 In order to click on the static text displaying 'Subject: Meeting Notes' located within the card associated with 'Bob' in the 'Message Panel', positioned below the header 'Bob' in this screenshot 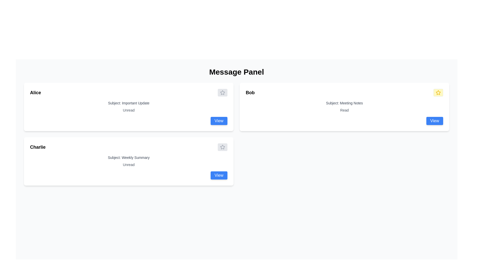, I will do `click(344, 103)`.